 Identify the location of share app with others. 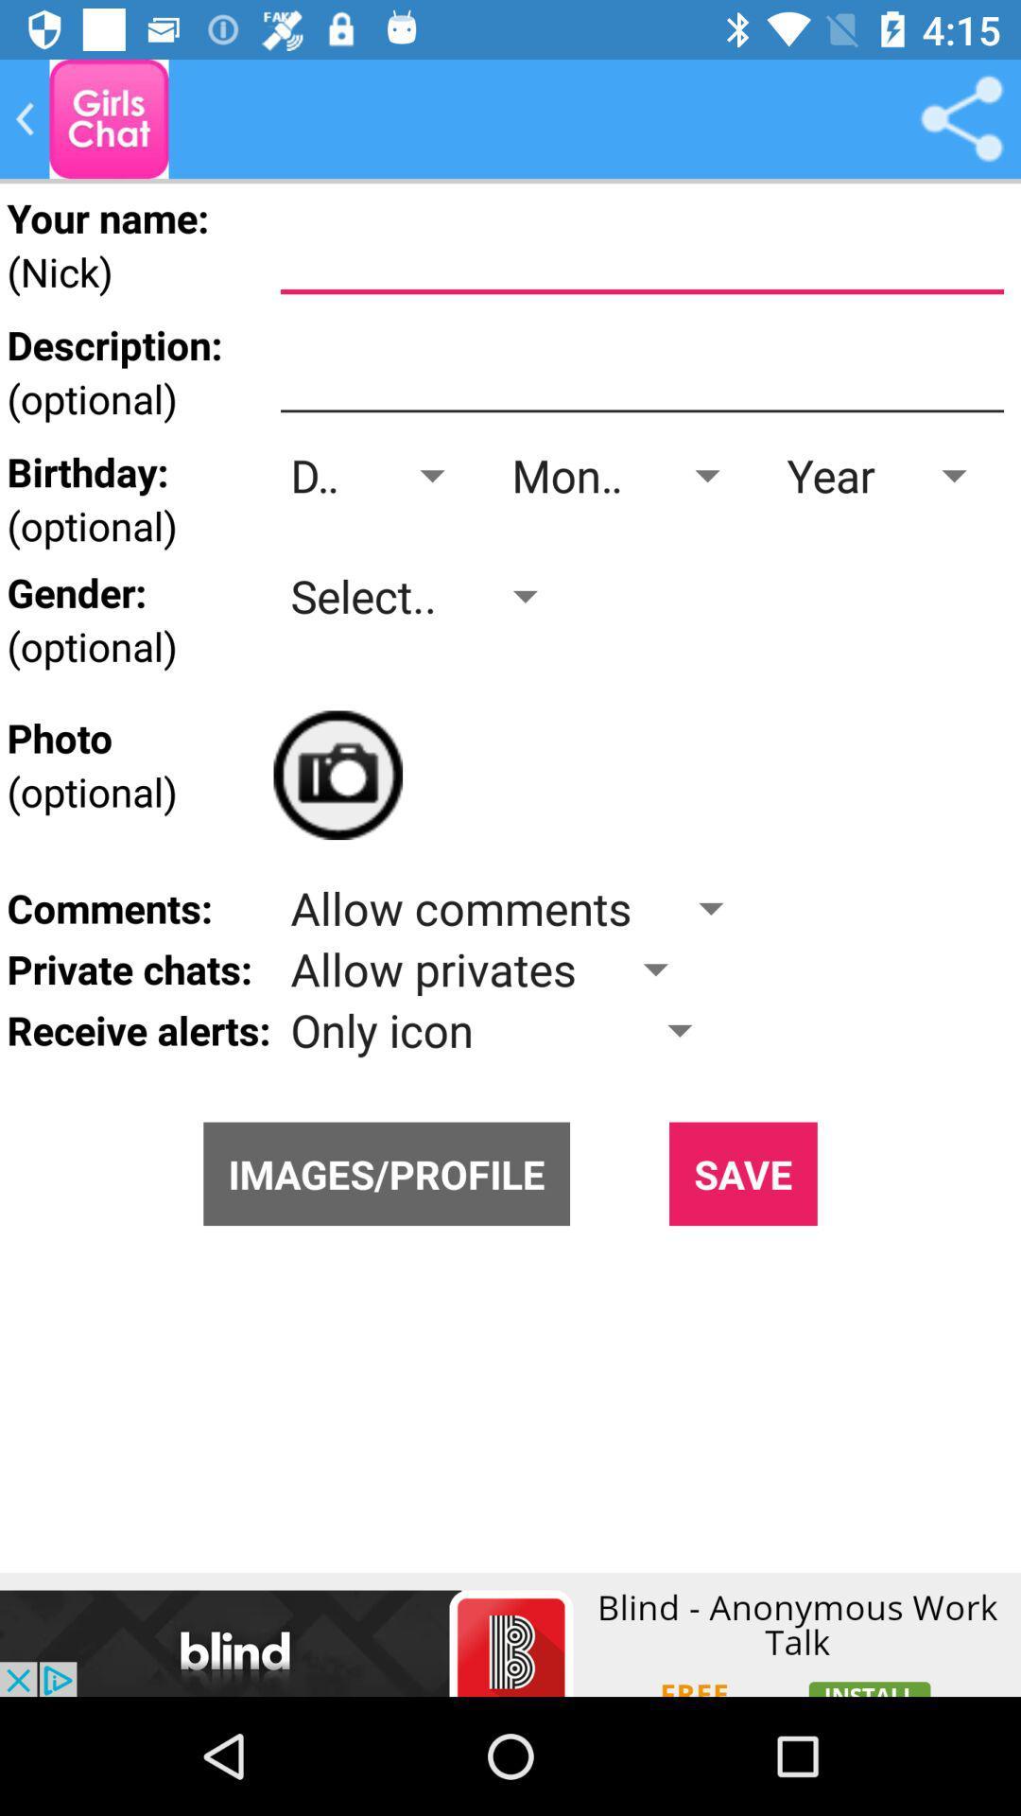
(961, 117).